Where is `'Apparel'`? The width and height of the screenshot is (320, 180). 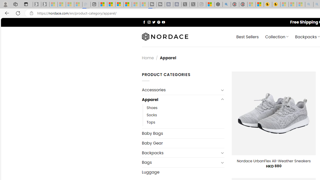
'Apparel' is located at coordinates (180, 99).